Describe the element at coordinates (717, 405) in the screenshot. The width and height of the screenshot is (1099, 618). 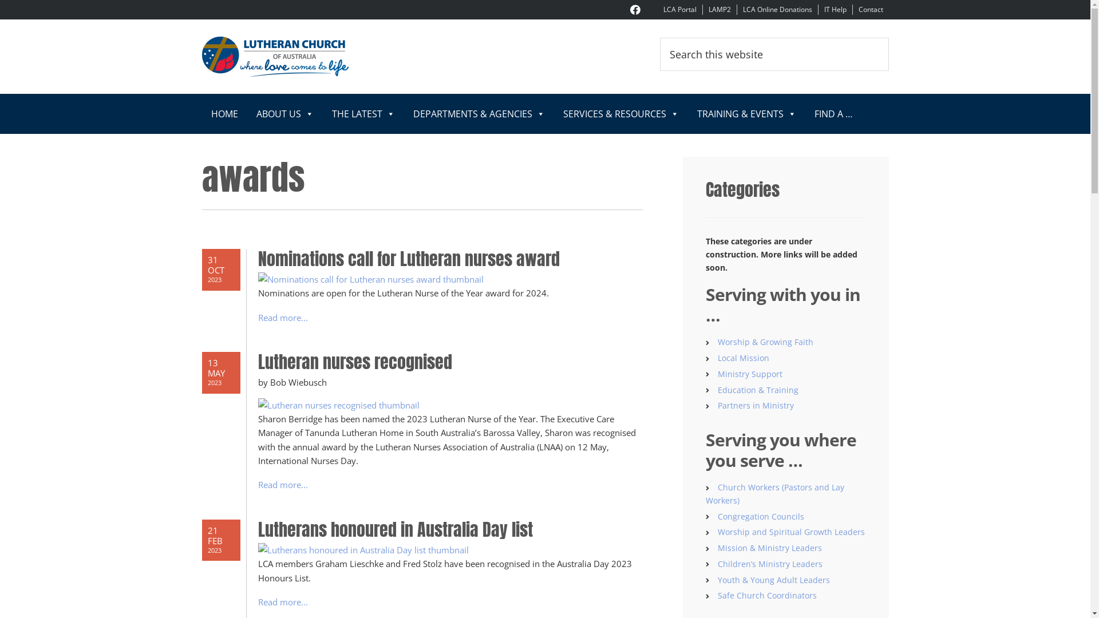
I see `'Partners in Ministry'` at that location.